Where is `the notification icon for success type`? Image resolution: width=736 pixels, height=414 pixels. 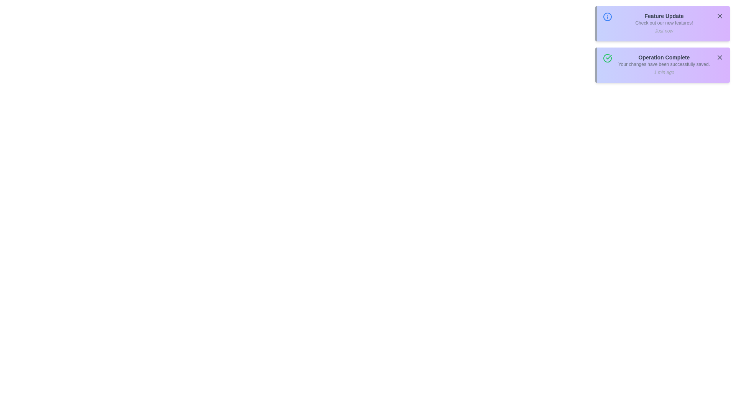 the notification icon for success type is located at coordinates (607, 58).